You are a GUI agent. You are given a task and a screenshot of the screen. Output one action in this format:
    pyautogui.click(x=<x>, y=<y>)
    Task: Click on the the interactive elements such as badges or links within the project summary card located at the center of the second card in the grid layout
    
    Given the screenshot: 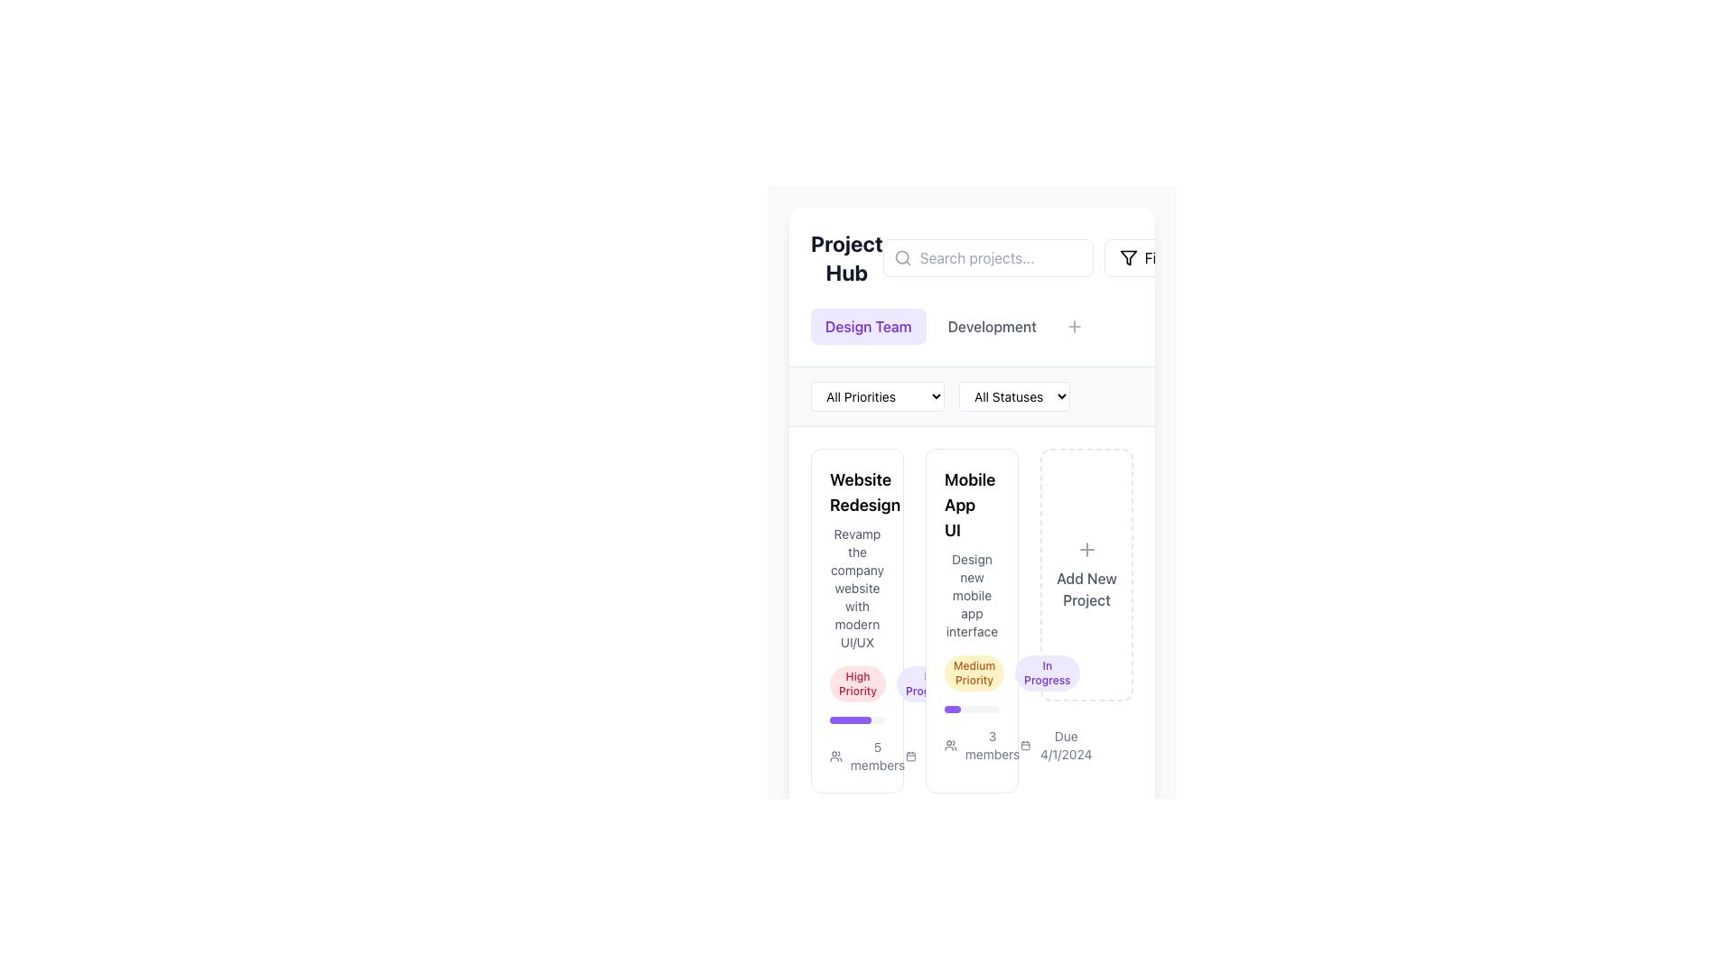 What is the action you would take?
    pyautogui.click(x=971, y=619)
    